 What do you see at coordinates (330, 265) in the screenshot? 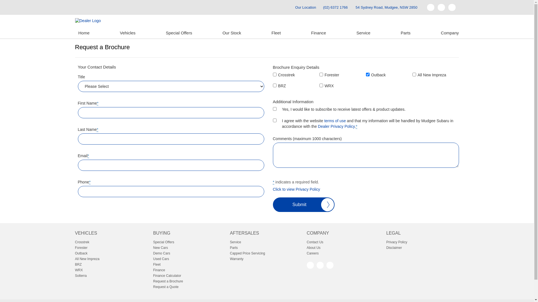
I see `'Instagram'` at bounding box center [330, 265].